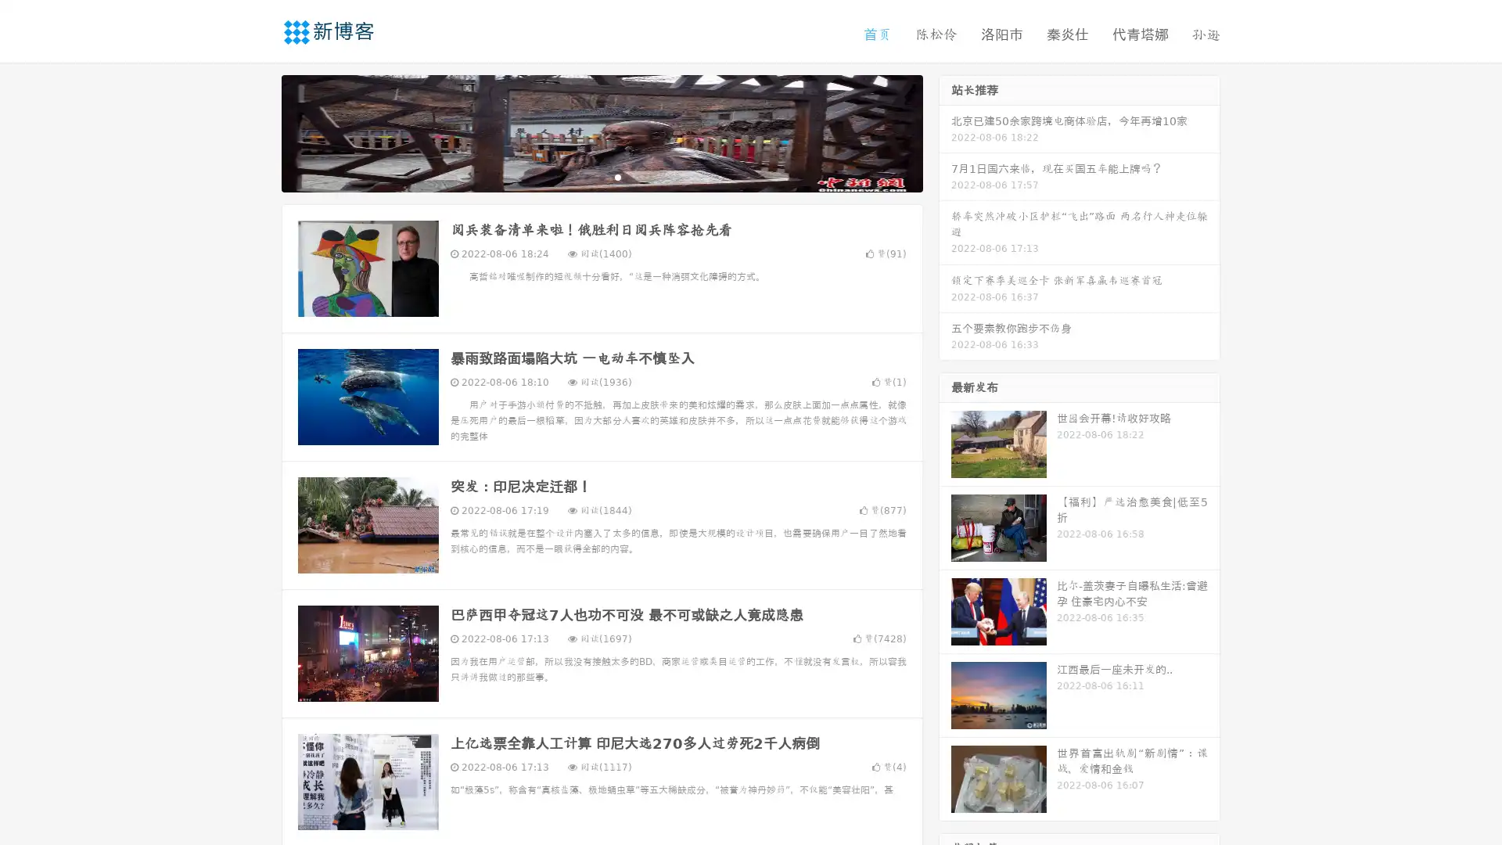 The height and width of the screenshot is (845, 1502). What do you see at coordinates (585, 176) in the screenshot?
I see `Go to slide 1` at bounding box center [585, 176].